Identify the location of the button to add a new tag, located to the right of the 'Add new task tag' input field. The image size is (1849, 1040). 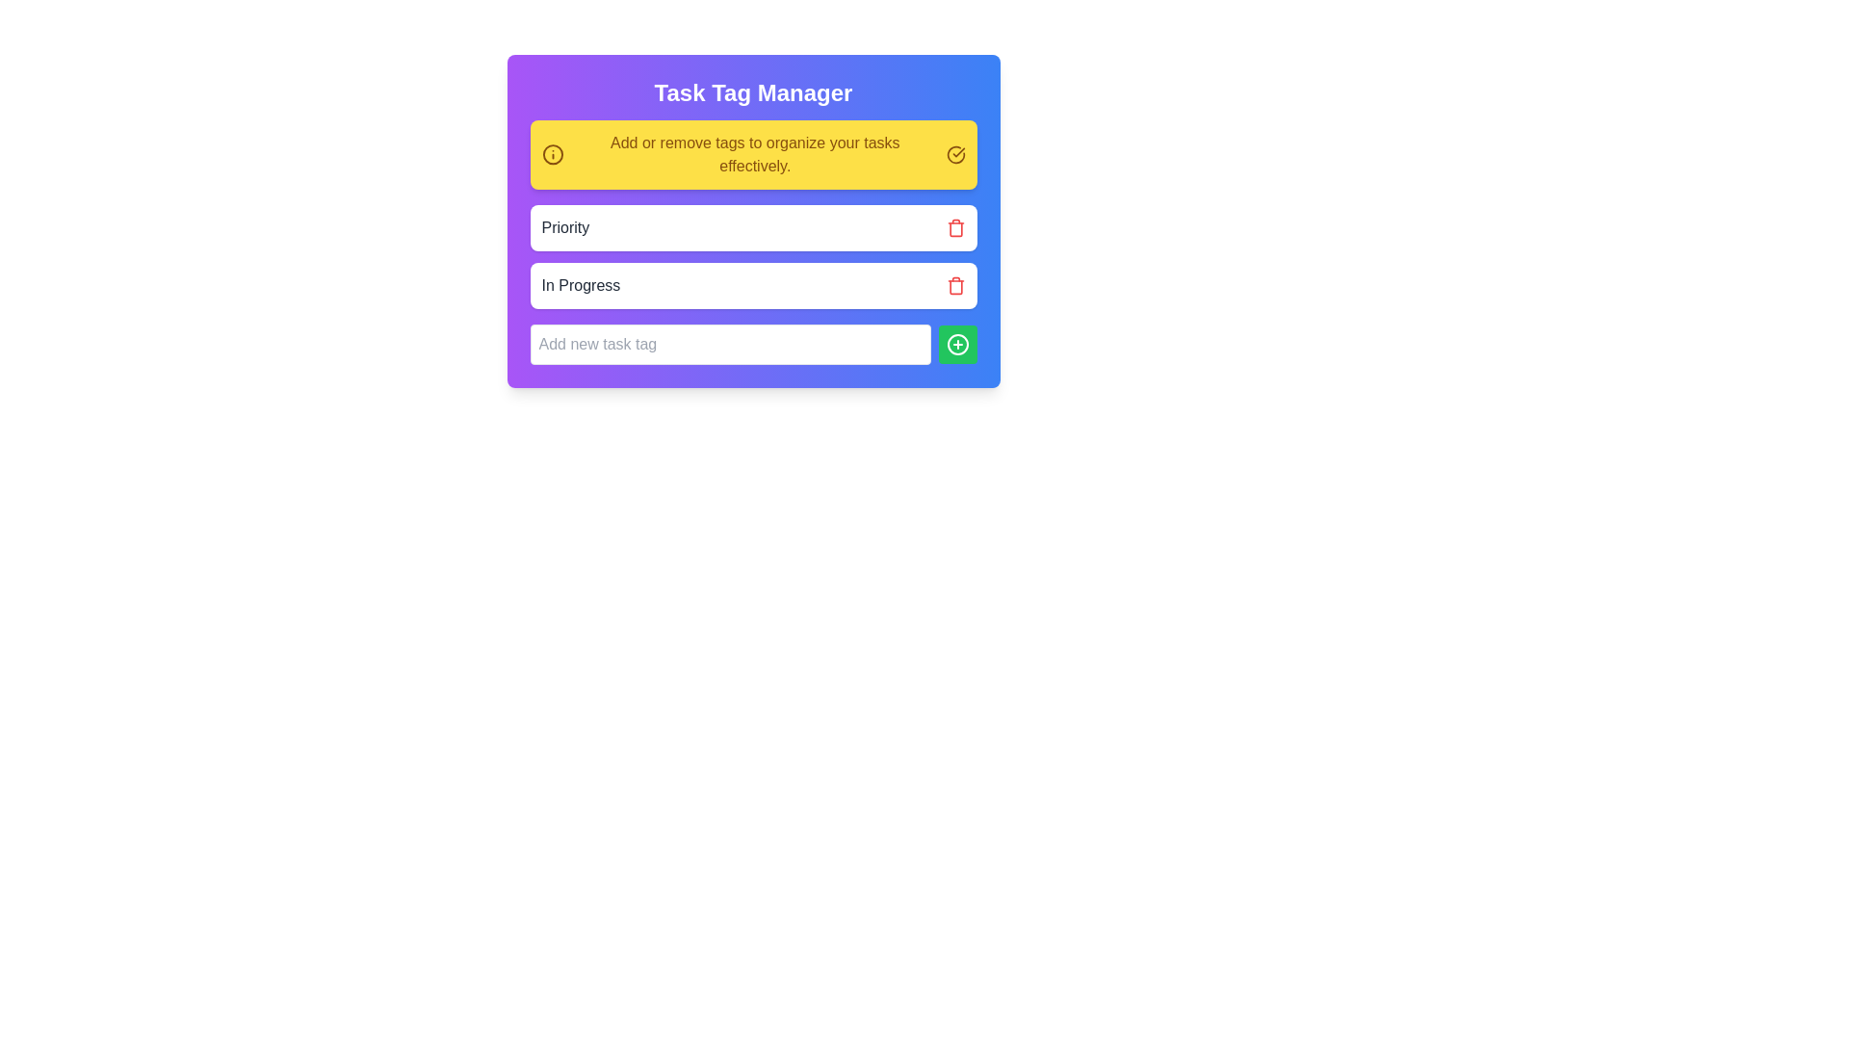
(957, 344).